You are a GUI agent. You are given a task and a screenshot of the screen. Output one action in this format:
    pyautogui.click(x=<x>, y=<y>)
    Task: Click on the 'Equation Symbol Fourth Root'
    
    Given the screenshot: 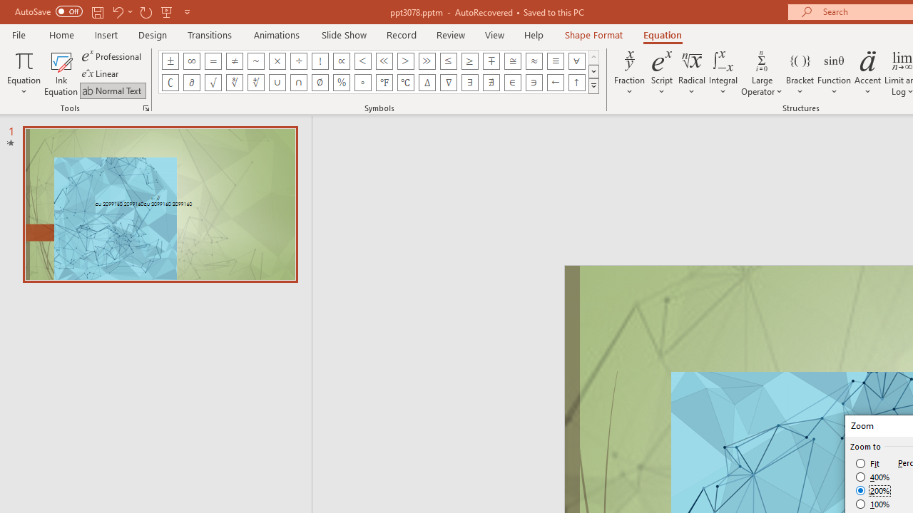 What is the action you would take?
    pyautogui.click(x=256, y=82)
    